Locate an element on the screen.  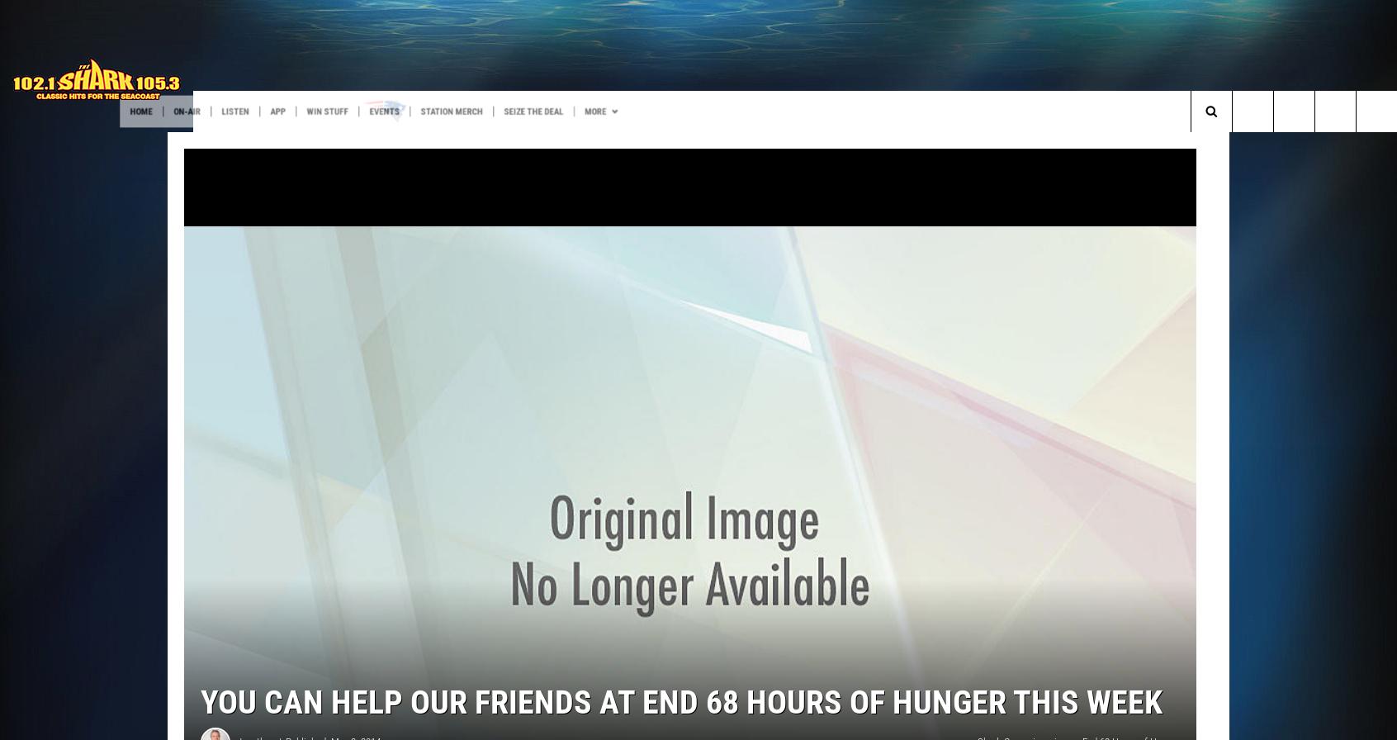
'What's Hot:' is located at coordinates (42, 145).